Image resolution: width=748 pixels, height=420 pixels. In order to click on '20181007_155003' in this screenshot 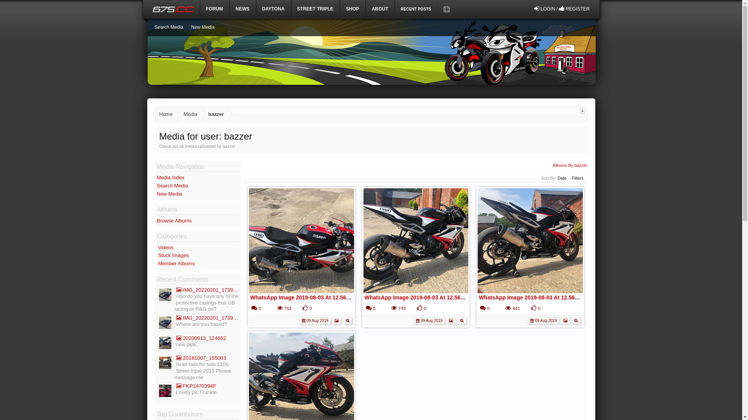, I will do `click(207, 358)`.